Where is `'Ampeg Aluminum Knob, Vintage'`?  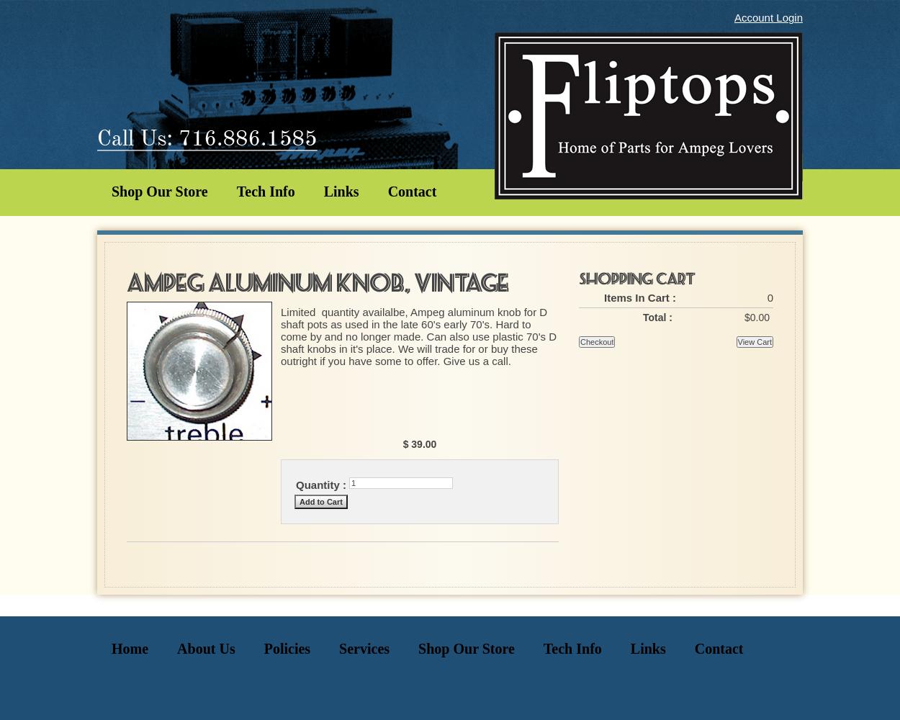
'Ampeg Aluminum Knob, Vintage' is located at coordinates (317, 282).